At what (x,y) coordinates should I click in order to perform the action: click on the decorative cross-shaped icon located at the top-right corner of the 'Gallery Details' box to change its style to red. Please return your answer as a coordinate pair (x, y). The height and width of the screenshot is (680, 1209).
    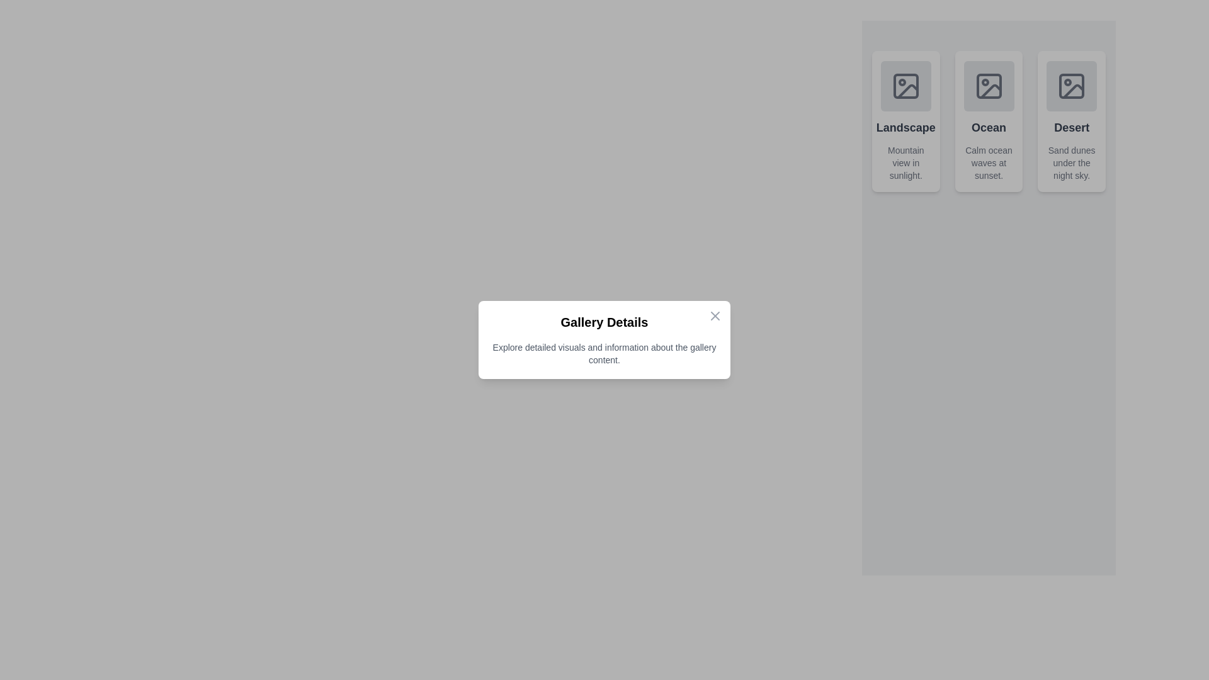
    Looking at the image, I should click on (715, 315).